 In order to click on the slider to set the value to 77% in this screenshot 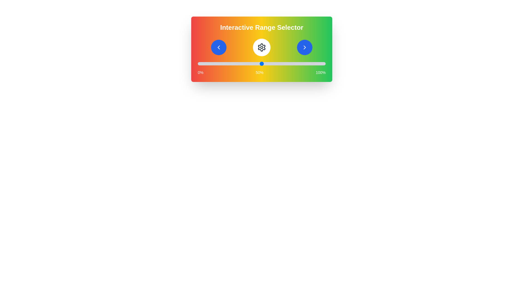, I will do `click(296, 63)`.